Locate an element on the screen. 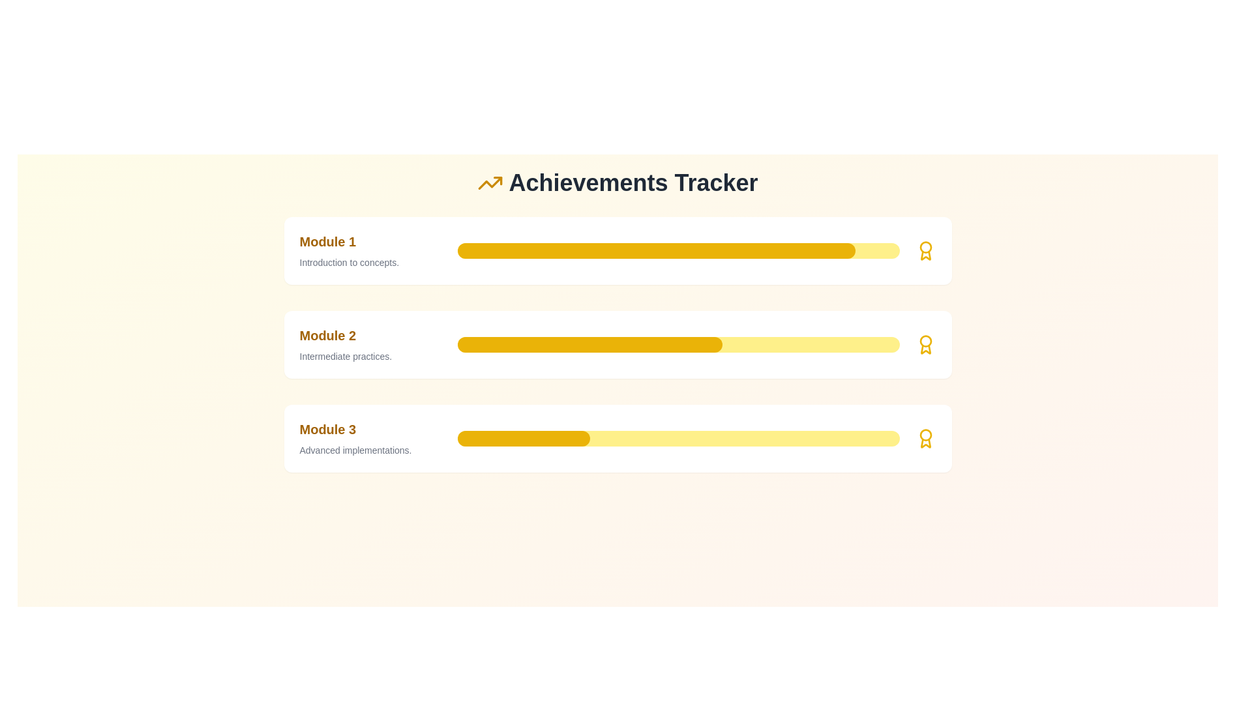 The height and width of the screenshot is (704, 1252). the static text label displaying 'Intermediate practices.' located below the 'Module 2' heading within the second module card is located at coordinates (372, 357).